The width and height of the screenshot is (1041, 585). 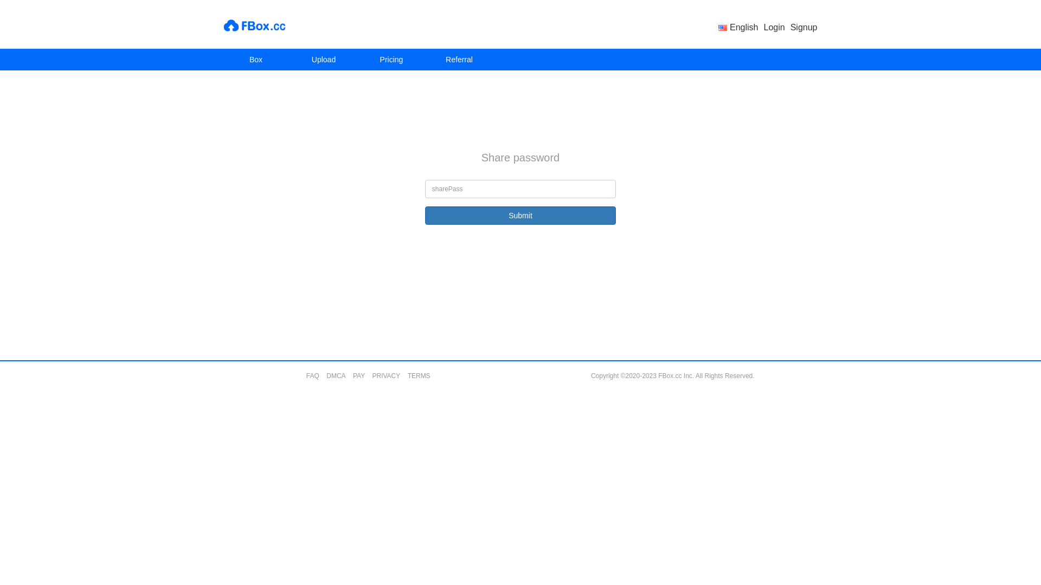 What do you see at coordinates (255, 60) in the screenshot?
I see `'Box'` at bounding box center [255, 60].